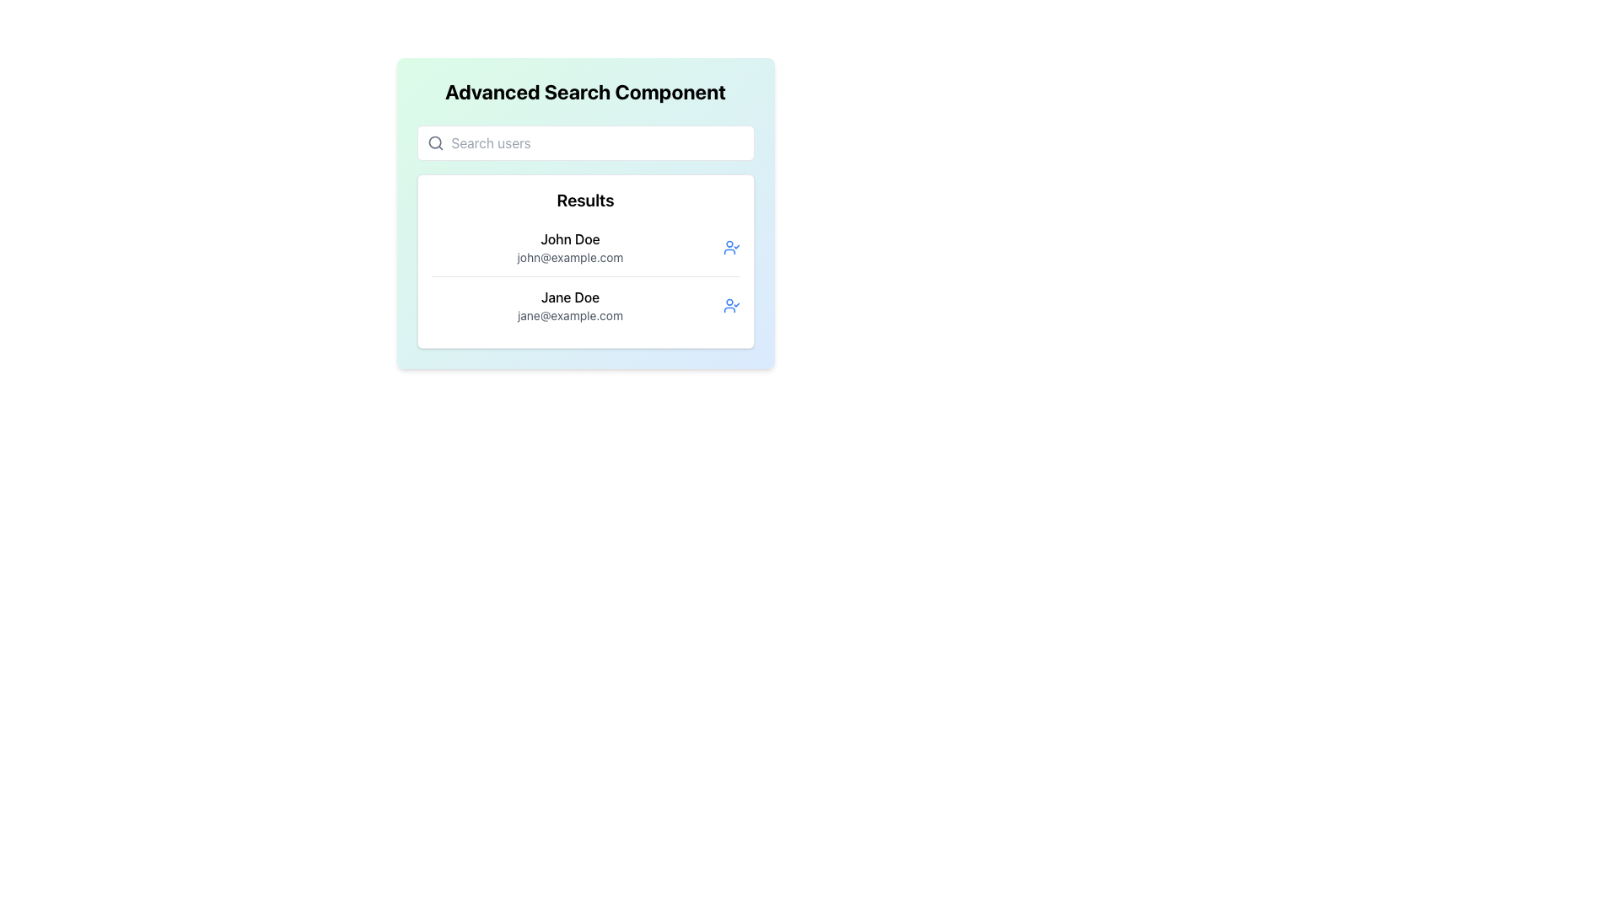 This screenshot has width=1619, height=910. What do you see at coordinates (585, 247) in the screenshot?
I see `on the first user profile preview in the search results` at bounding box center [585, 247].